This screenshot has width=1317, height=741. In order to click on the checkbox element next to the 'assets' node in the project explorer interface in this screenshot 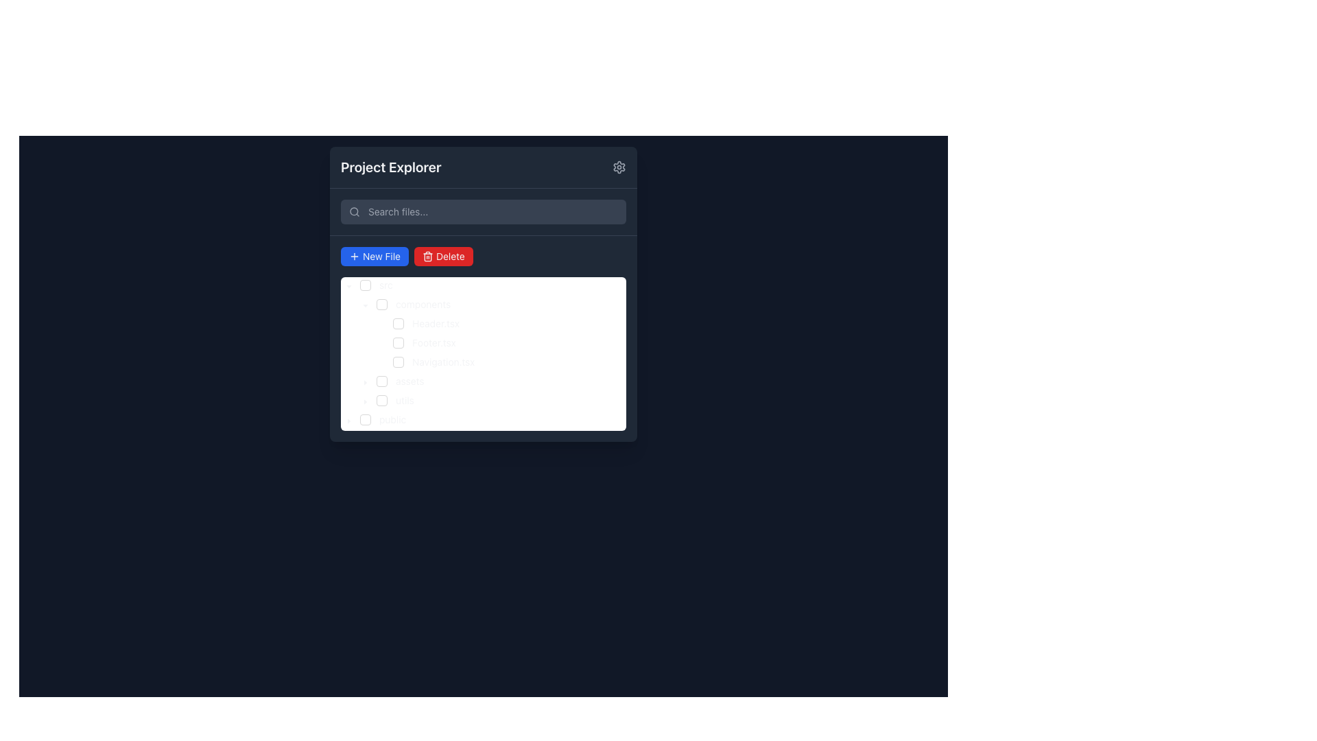, I will do `click(381, 381)`.